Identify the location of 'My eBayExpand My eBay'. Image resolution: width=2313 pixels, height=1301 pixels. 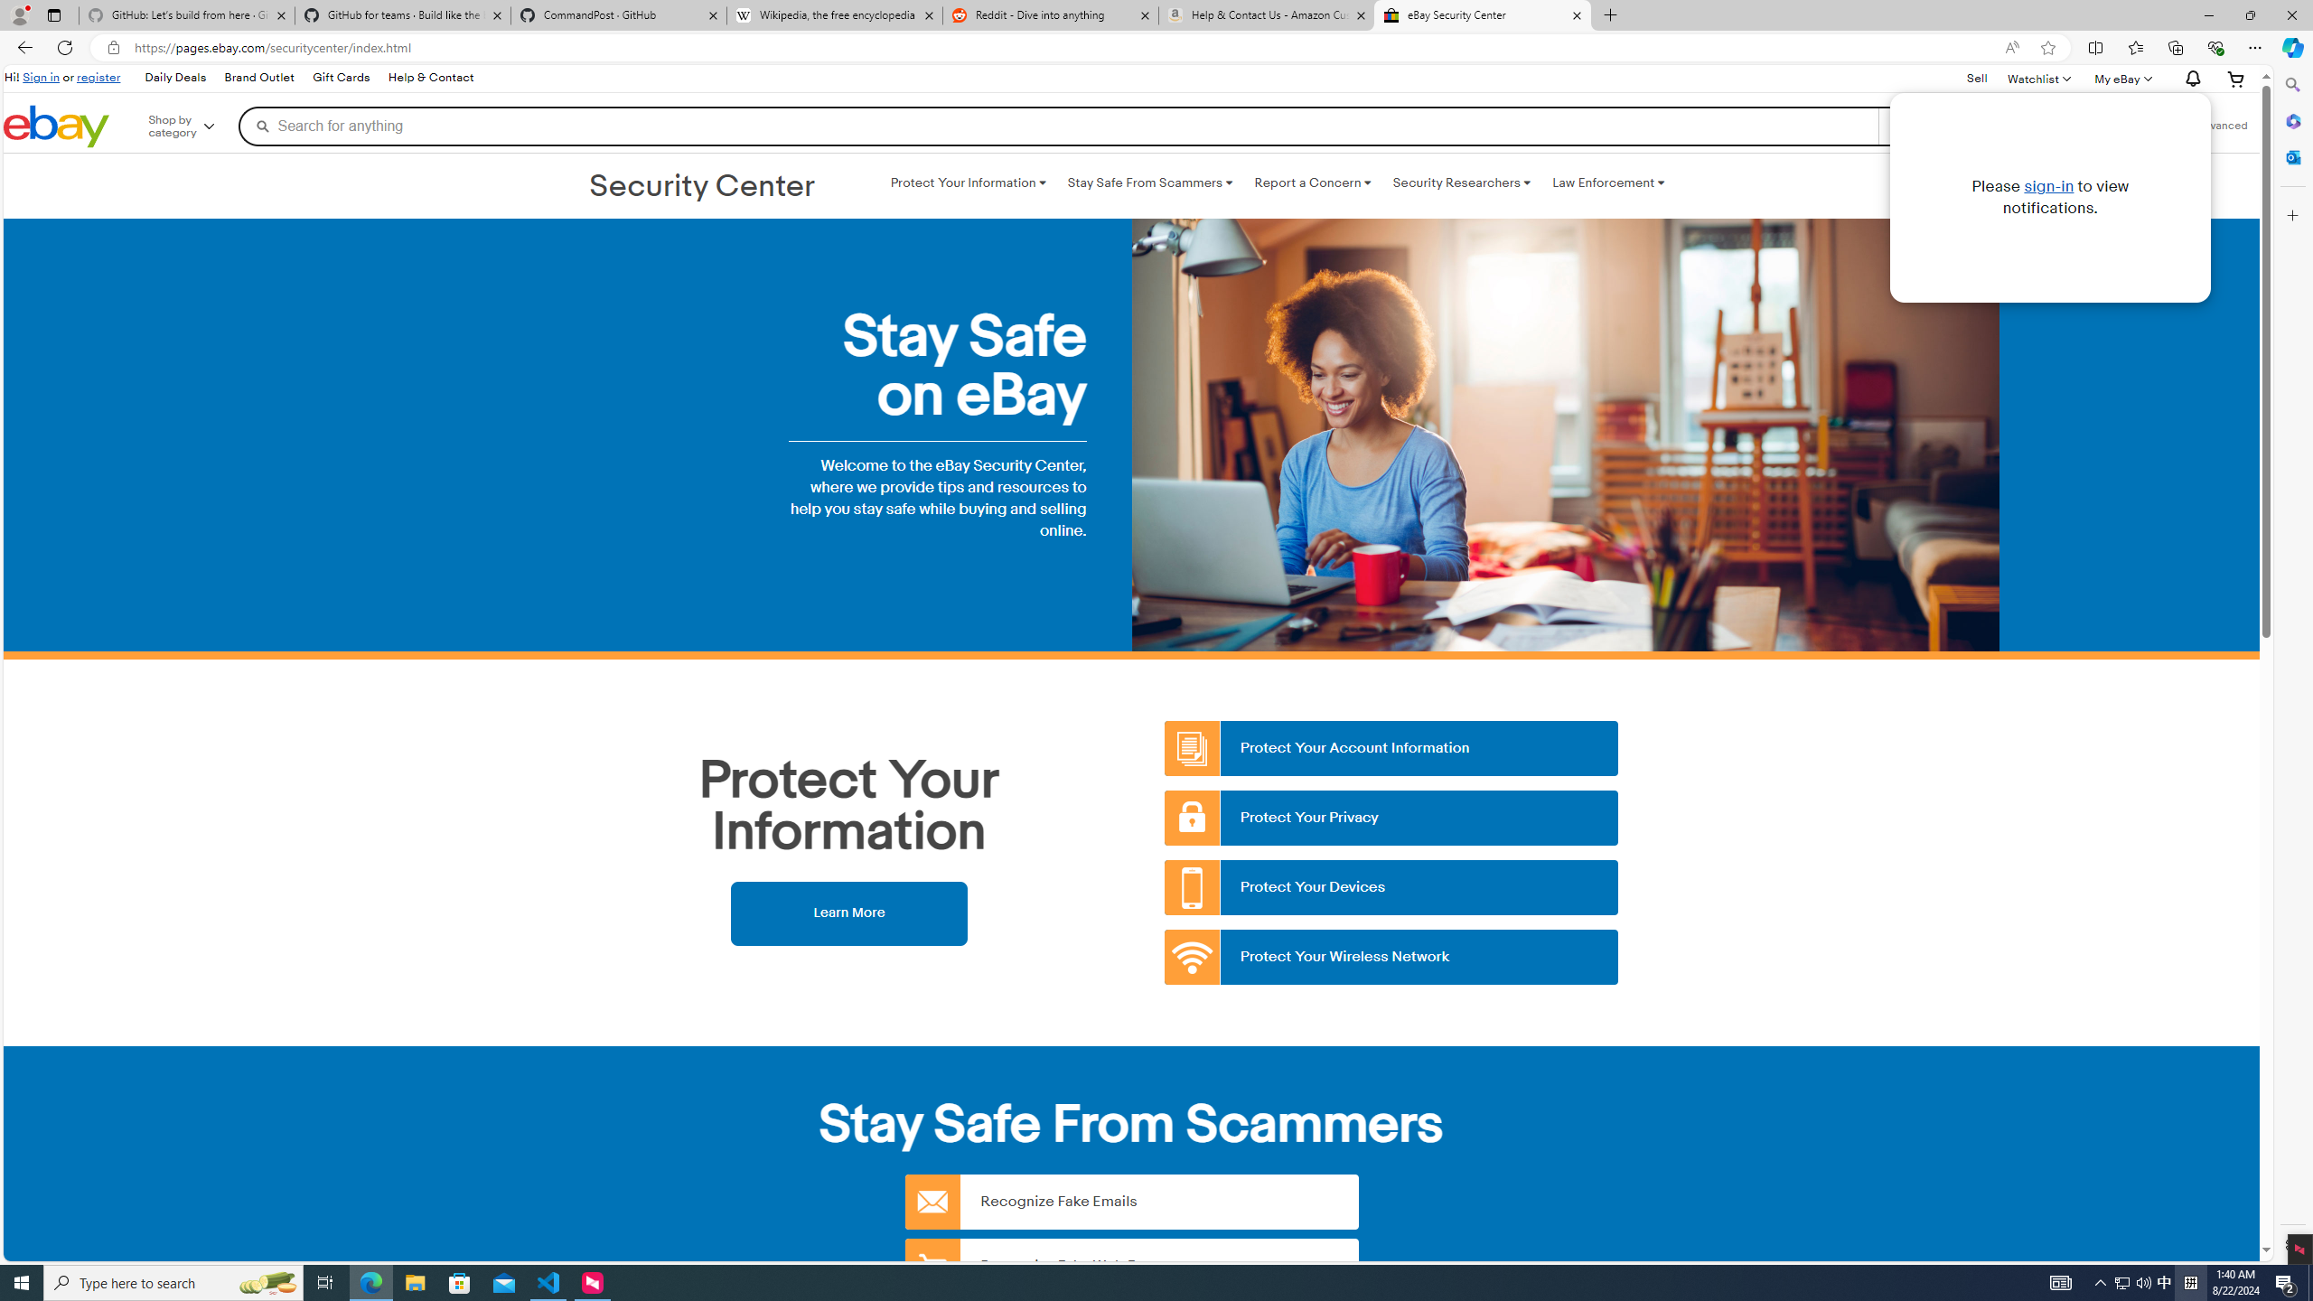
(2121, 79).